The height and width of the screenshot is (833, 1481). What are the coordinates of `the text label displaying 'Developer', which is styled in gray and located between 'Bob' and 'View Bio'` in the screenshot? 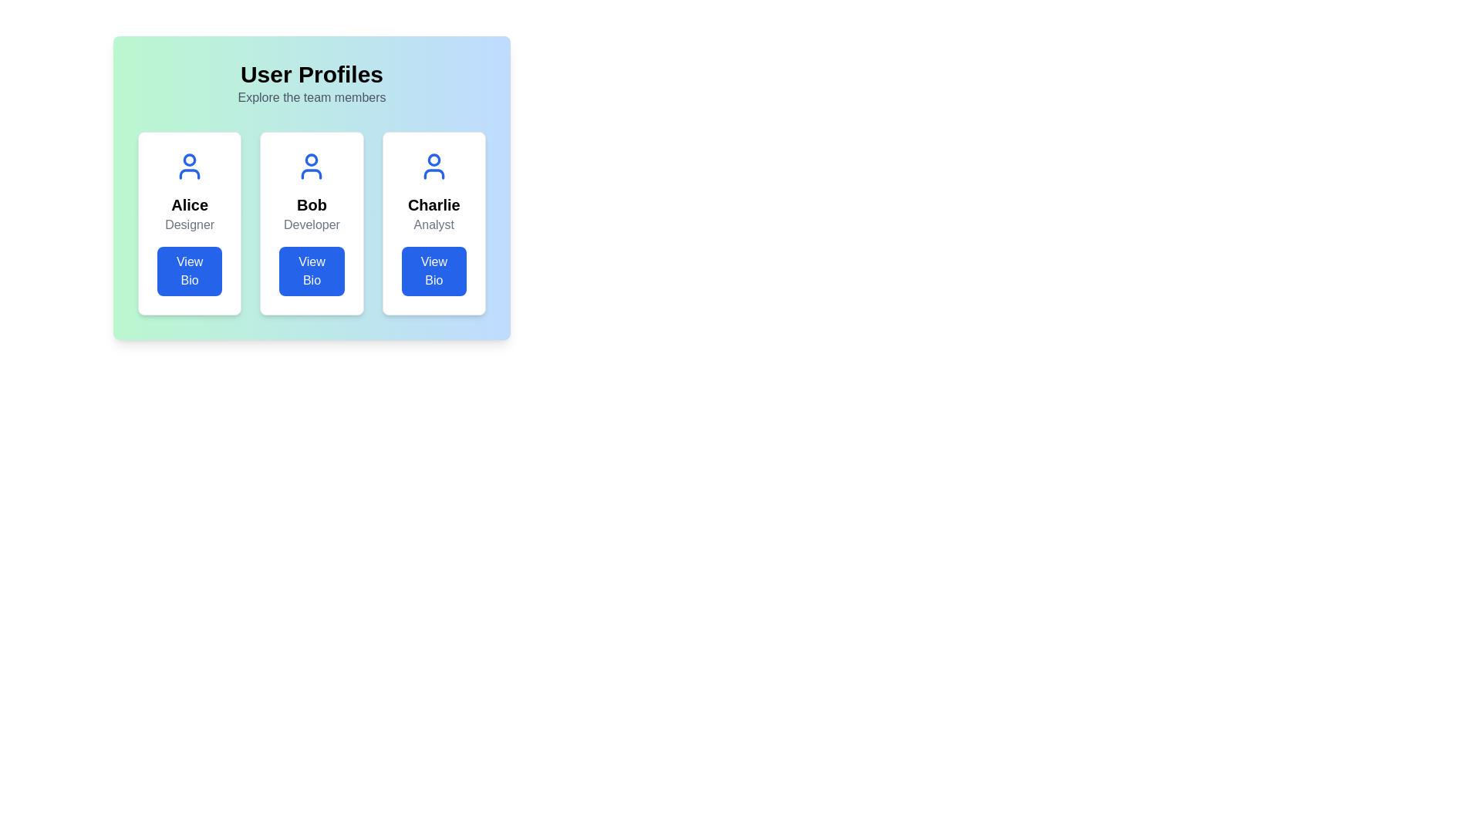 It's located at (311, 225).